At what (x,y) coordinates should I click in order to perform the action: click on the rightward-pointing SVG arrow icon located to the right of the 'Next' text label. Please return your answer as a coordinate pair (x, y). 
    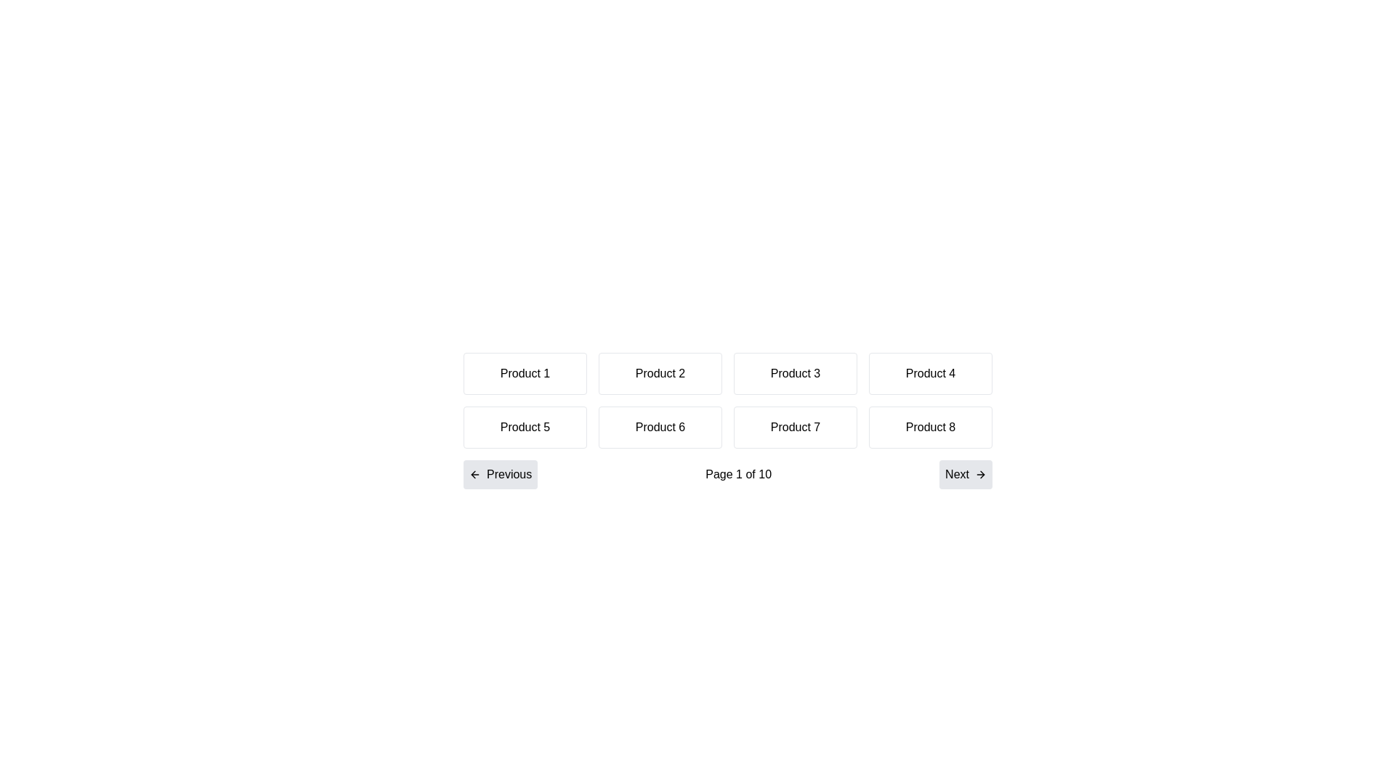
    Looking at the image, I should click on (980, 475).